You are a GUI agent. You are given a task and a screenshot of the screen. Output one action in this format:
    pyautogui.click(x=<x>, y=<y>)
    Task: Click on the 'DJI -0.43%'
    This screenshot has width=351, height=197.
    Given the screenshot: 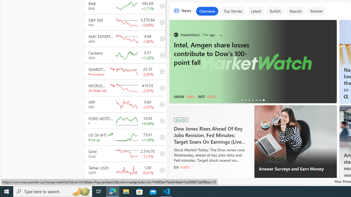 What is the action you would take?
    pyautogui.click(x=182, y=167)
    